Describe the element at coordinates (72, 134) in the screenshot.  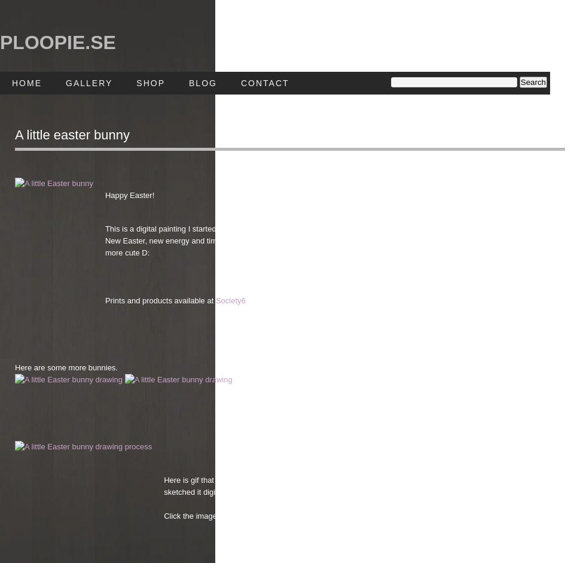
I see `'A little easter bunny'` at that location.